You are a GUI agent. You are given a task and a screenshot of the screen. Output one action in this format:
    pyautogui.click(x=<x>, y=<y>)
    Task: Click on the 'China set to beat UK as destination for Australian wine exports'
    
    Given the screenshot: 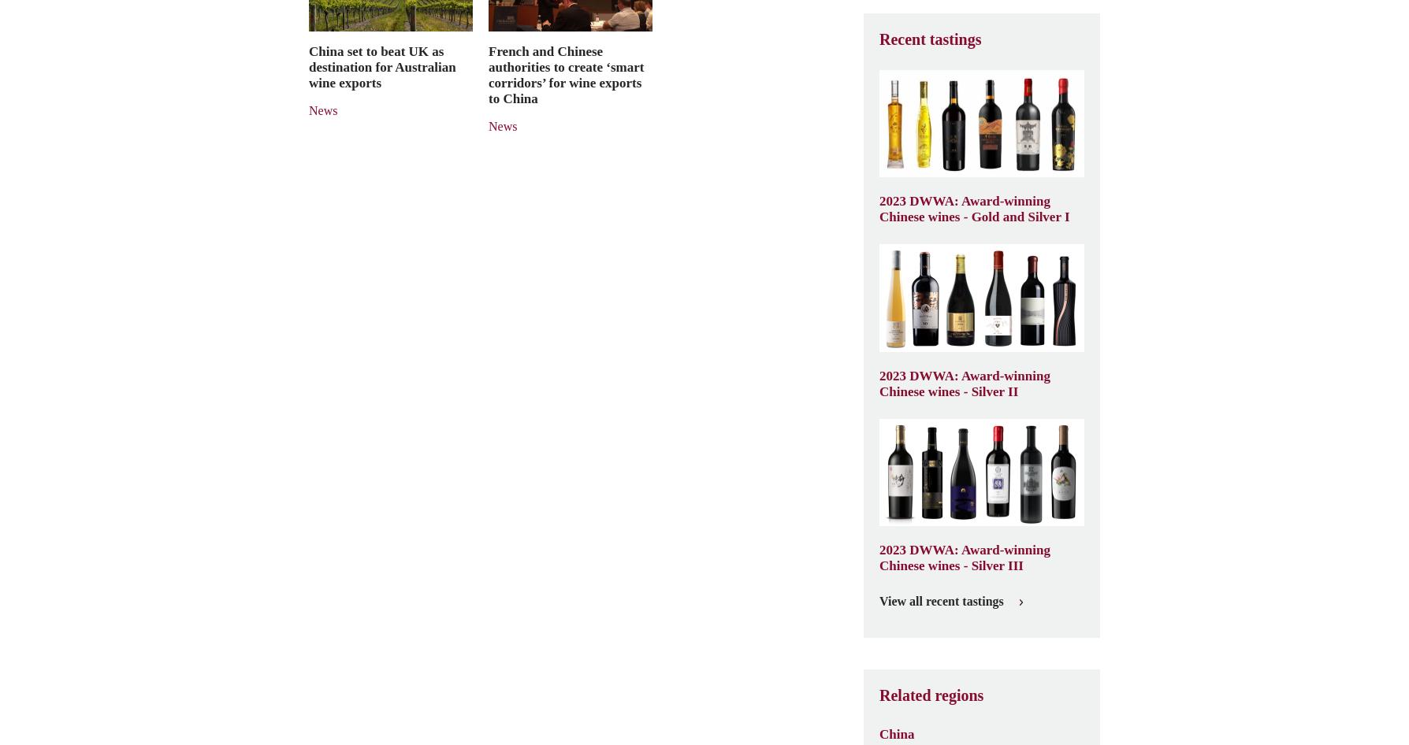 What is the action you would take?
    pyautogui.click(x=382, y=65)
    